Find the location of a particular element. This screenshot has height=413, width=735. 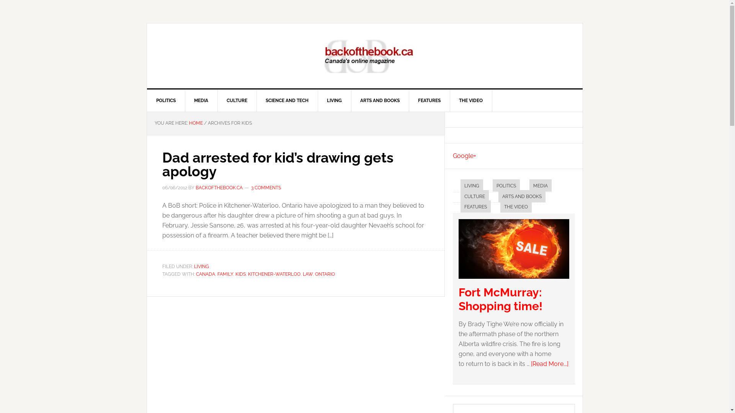

'FEATURES' is located at coordinates (430, 100).